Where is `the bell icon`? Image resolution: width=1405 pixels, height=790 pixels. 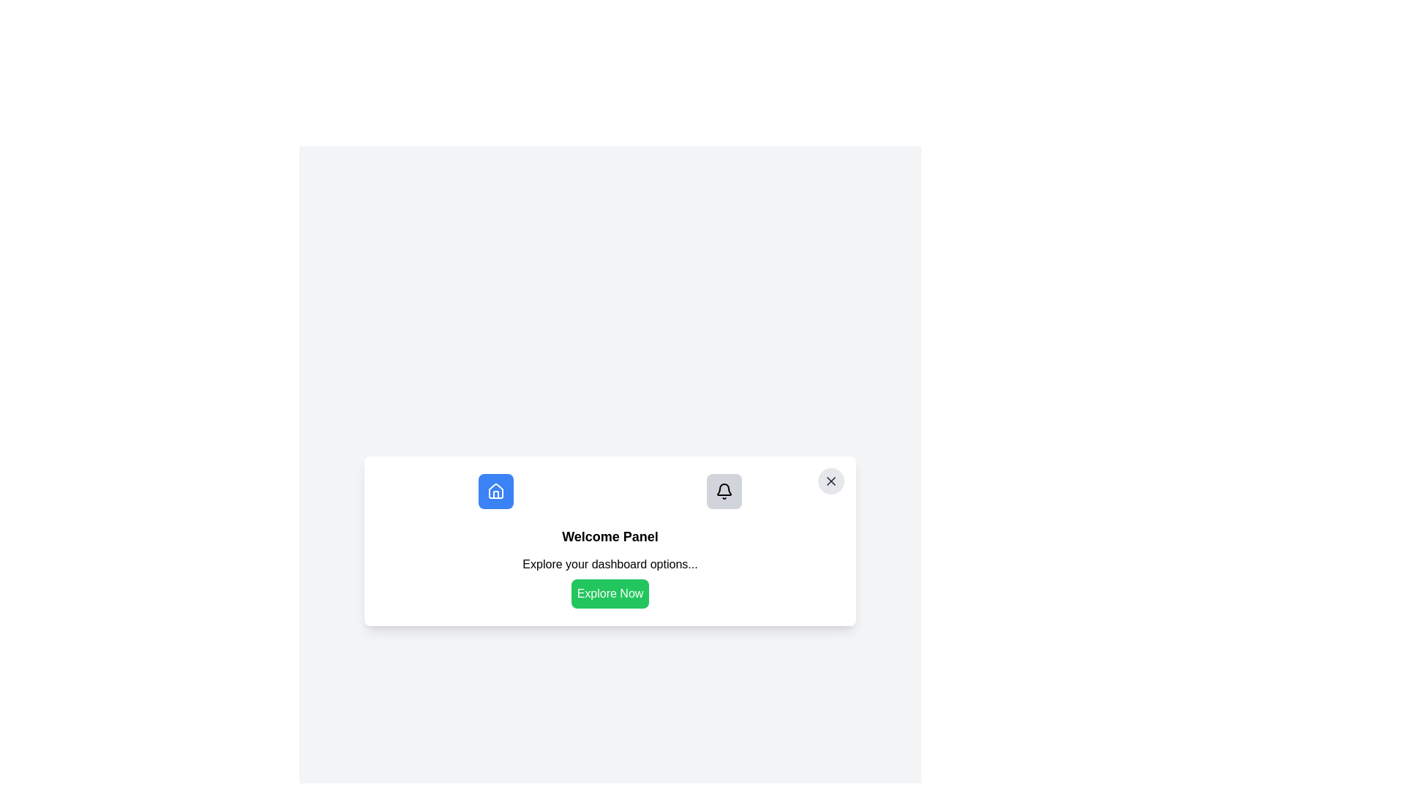
the bell icon is located at coordinates (724, 491).